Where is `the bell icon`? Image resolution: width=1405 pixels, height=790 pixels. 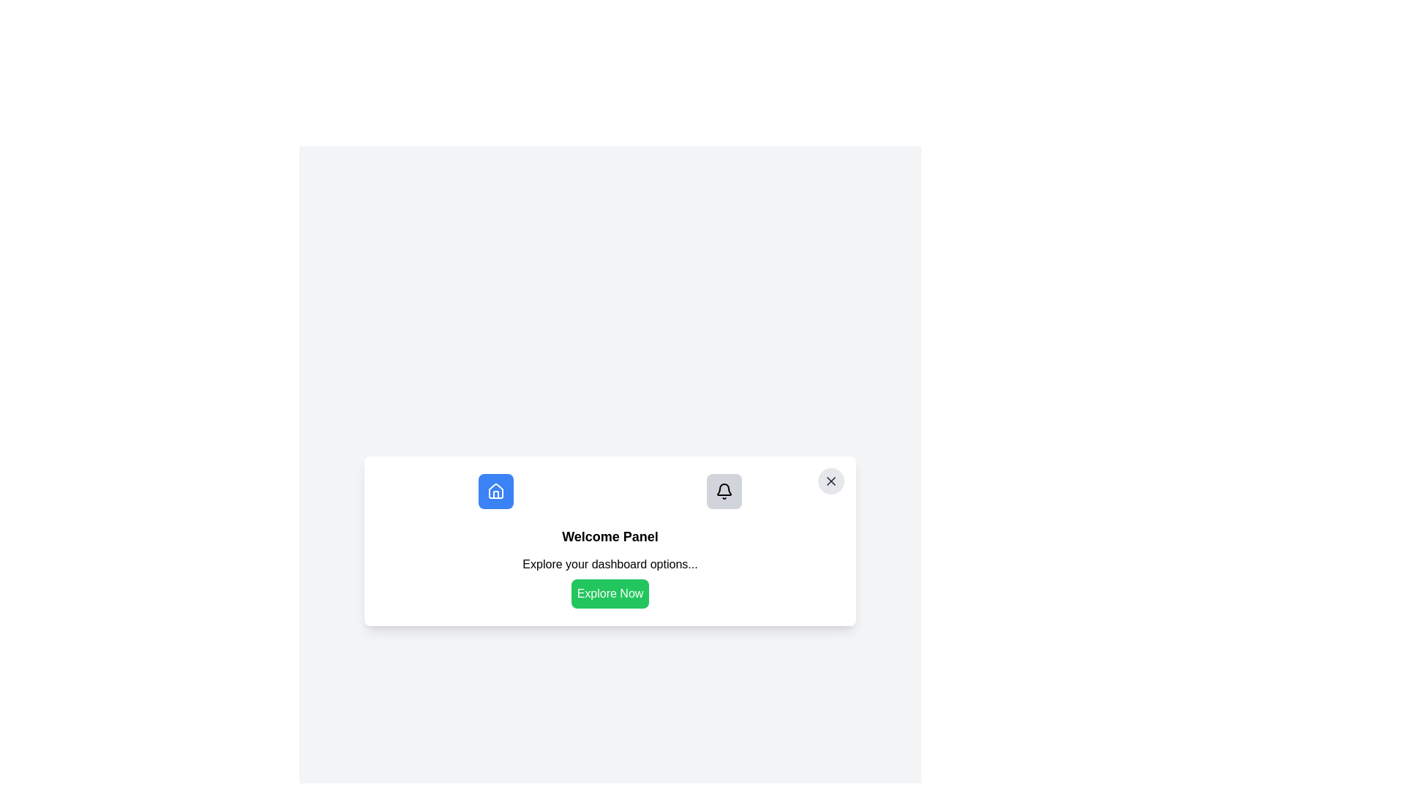
the bell icon is located at coordinates (724, 491).